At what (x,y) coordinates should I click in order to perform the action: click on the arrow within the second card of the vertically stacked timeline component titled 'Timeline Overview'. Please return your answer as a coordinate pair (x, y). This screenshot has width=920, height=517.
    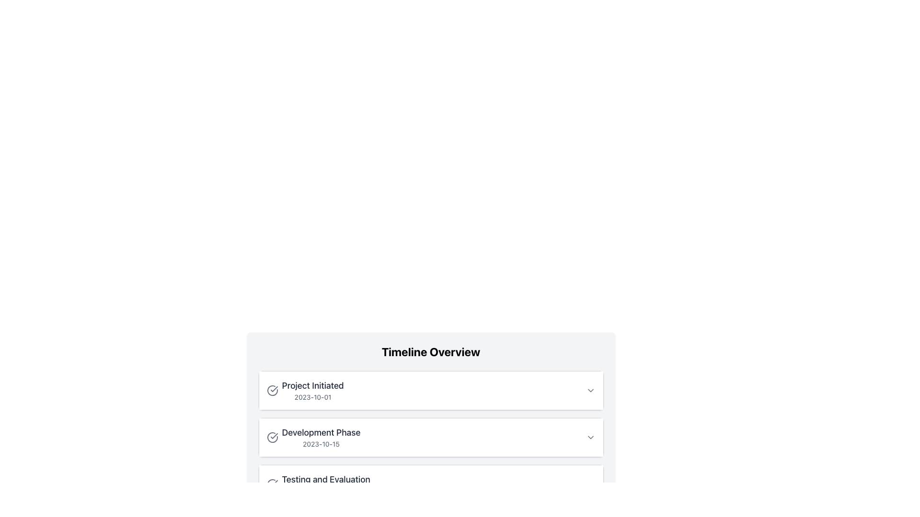
    Looking at the image, I should click on (430, 424).